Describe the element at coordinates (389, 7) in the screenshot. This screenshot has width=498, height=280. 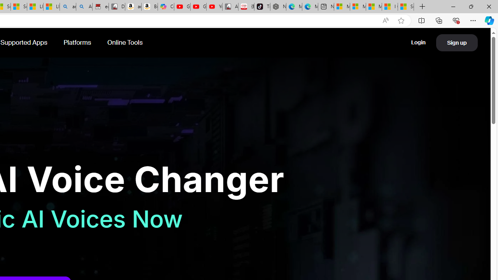
I see `'I Gained 20 Pounds of Muscle in 30 Days! | Watch'` at that location.